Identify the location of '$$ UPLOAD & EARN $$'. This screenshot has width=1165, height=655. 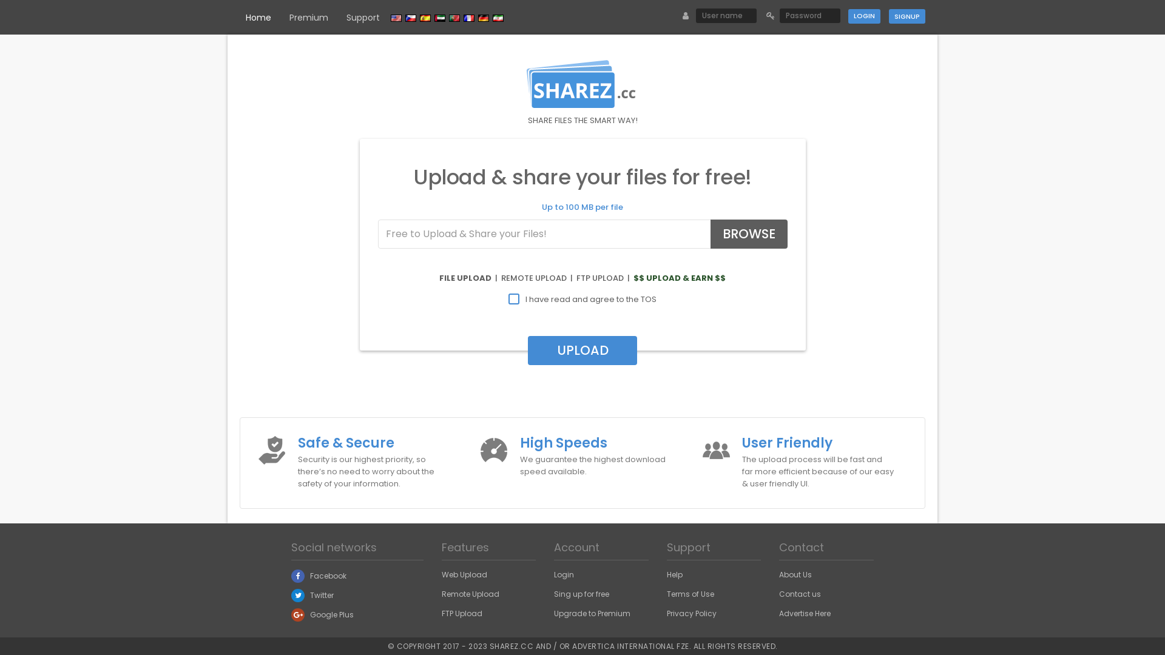
(678, 278).